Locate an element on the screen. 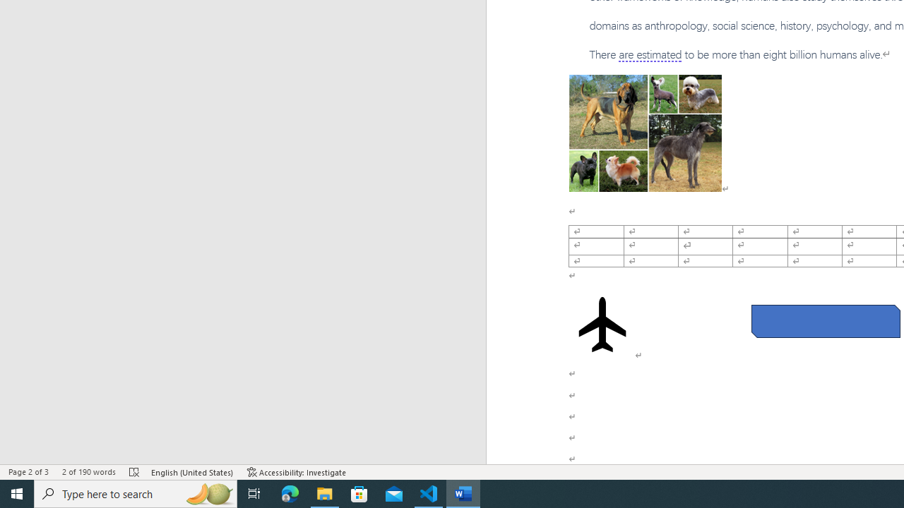  'Accessibility Checker Accessibility: Investigate' is located at coordinates (296, 472).